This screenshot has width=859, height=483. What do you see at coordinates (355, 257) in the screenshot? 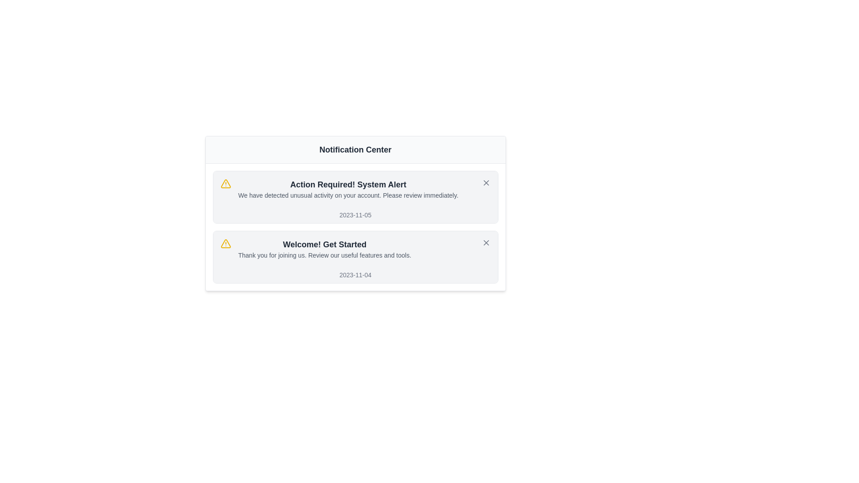
I see `the second notification card in the Notification Center` at bounding box center [355, 257].